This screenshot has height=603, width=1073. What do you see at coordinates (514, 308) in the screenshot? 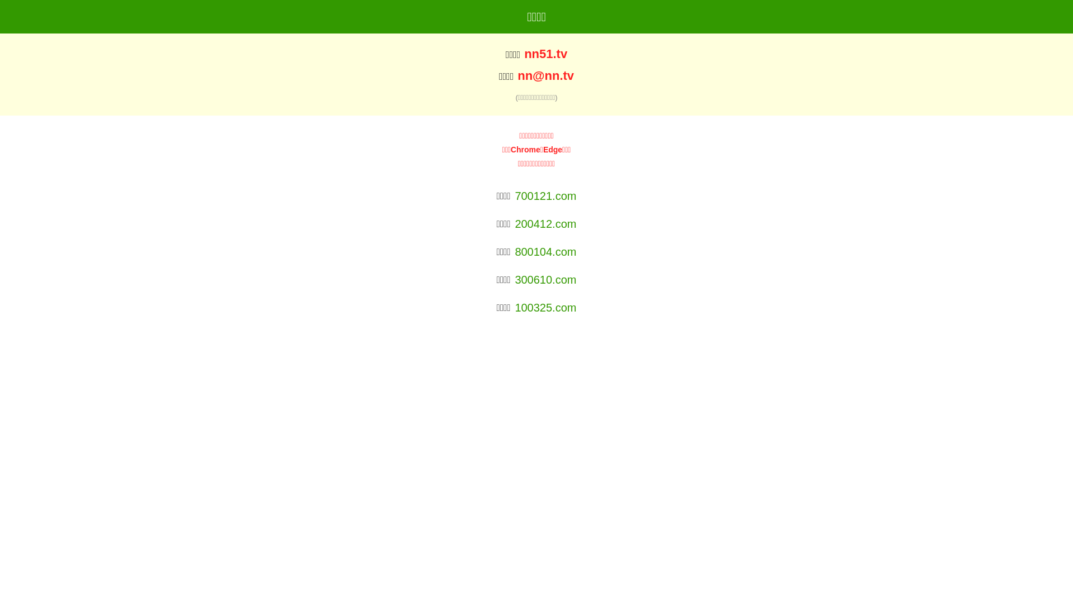
I see `'100325.com'` at bounding box center [514, 308].